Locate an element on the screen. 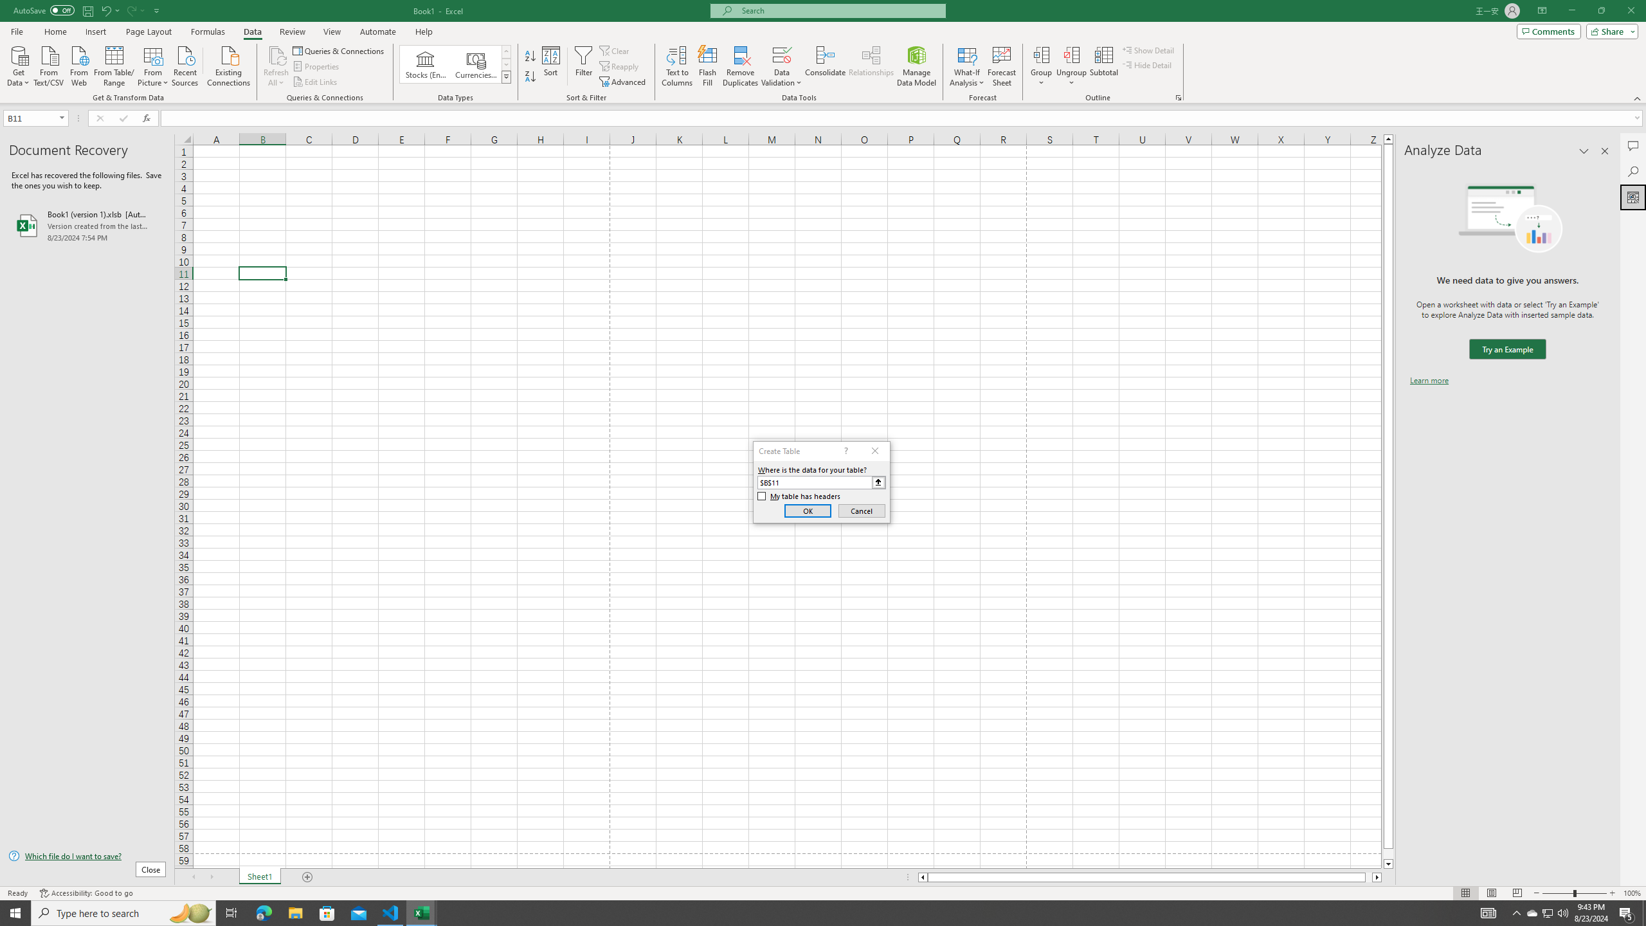 The height and width of the screenshot is (926, 1646). 'We need data to give you answers. Try an Example' is located at coordinates (1506, 349).